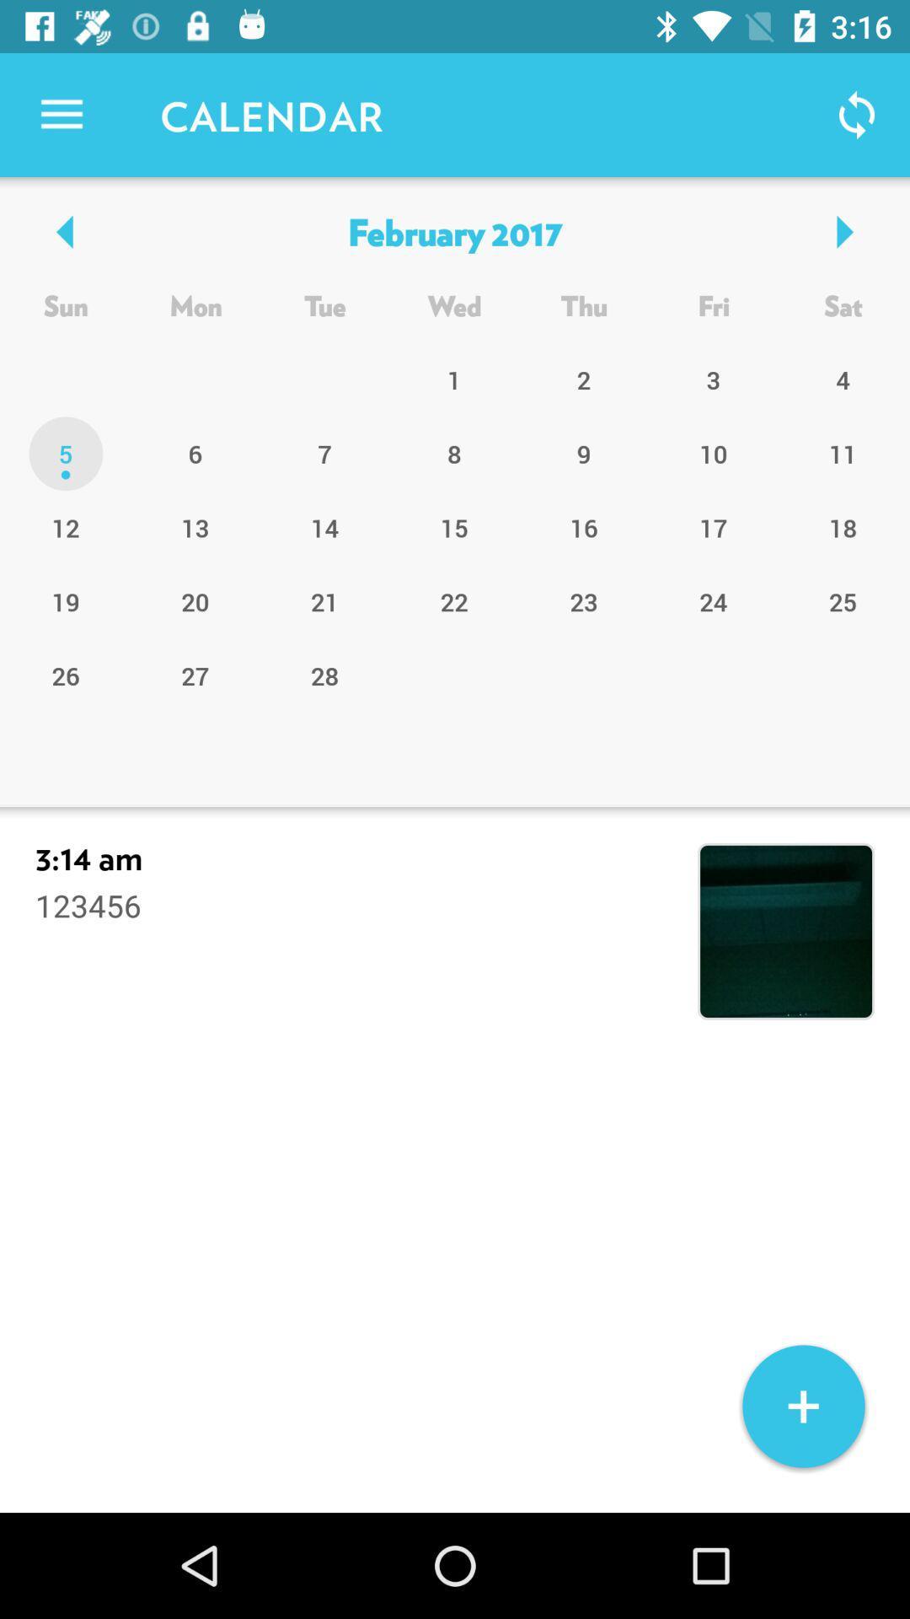 The width and height of the screenshot is (910, 1619). What do you see at coordinates (65, 675) in the screenshot?
I see `26 icon` at bounding box center [65, 675].